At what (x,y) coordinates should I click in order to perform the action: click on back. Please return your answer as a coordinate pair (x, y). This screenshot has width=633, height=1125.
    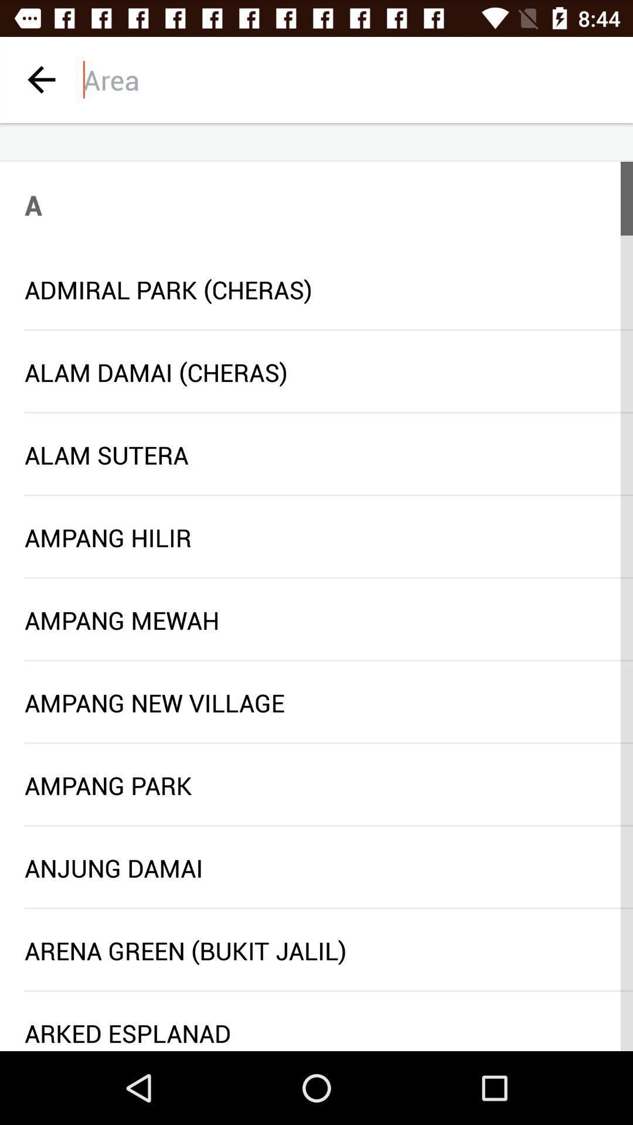
    Looking at the image, I should click on (40, 79).